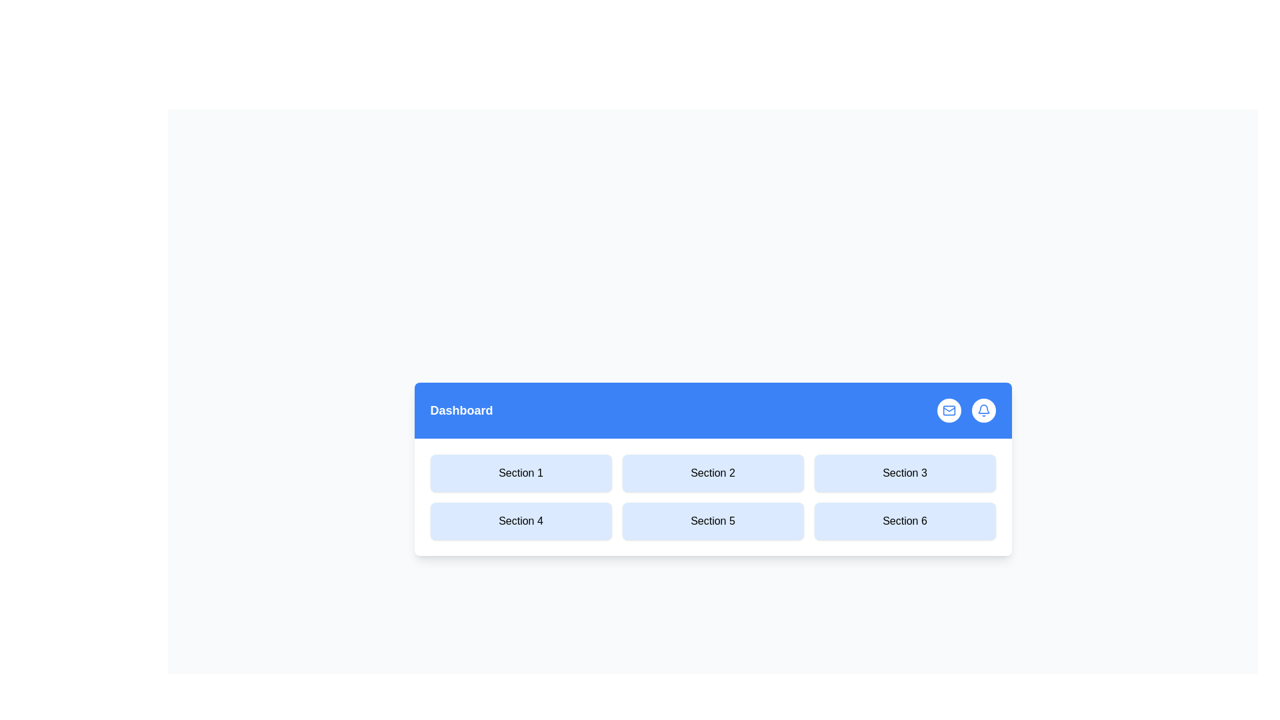 The height and width of the screenshot is (720, 1280). Describe the element at coordinates (905, 521) in the screenshot. I see `the non-interactive button-like UI component representing 'Section 6' located in the second row and third column of the grid layout` at that location.